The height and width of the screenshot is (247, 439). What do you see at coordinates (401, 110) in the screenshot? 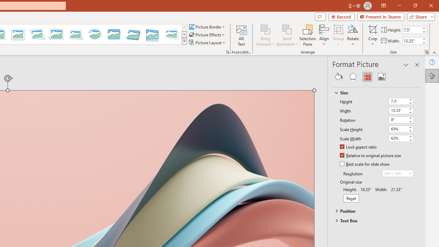
I see `'Width'` at bounding box center [401, 110].